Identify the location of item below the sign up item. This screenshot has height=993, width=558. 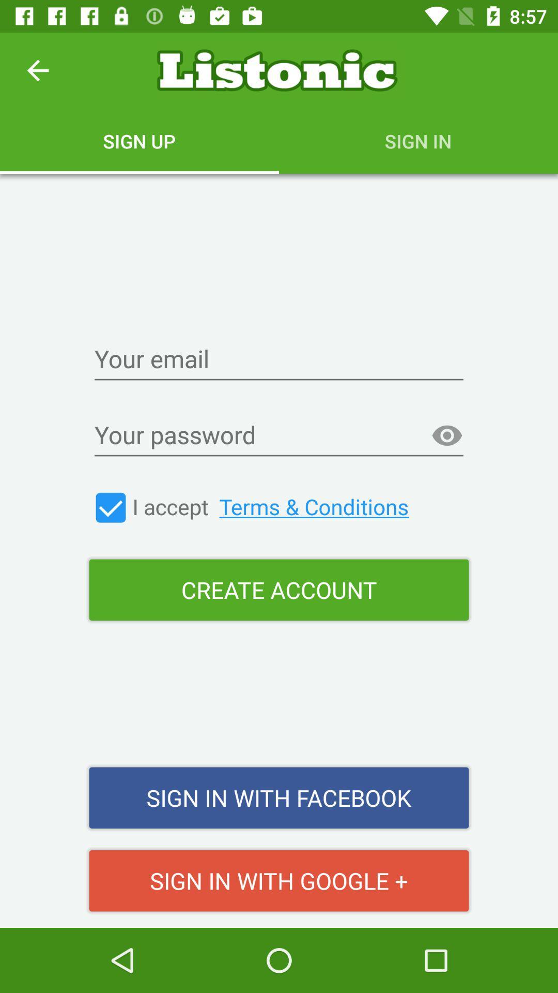
(279, 360).